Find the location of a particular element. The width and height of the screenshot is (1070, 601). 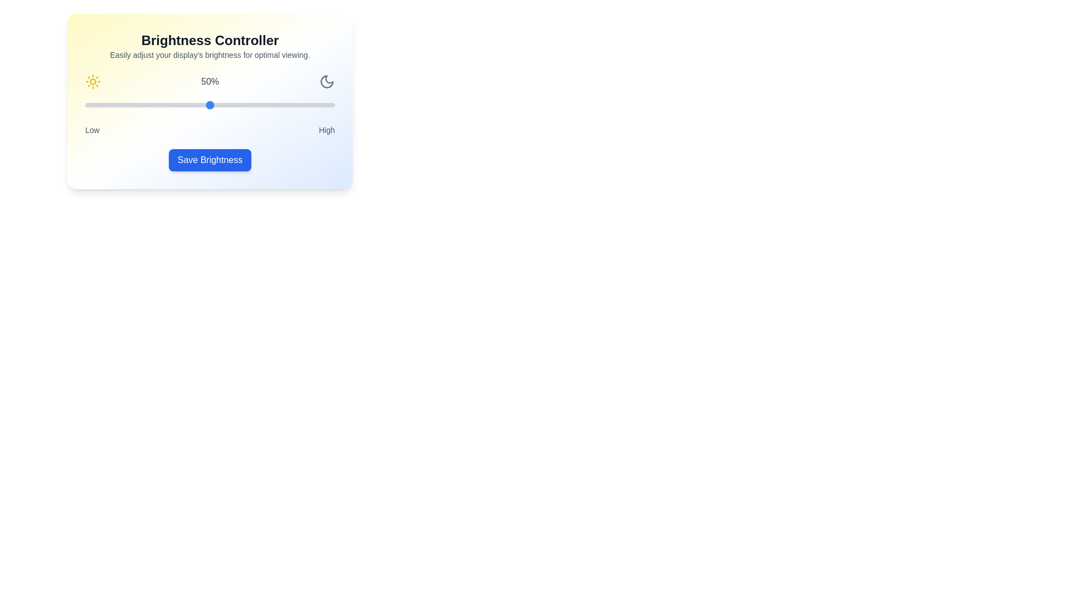

the brightness slider to 69% is located at coordinates (257, 105).